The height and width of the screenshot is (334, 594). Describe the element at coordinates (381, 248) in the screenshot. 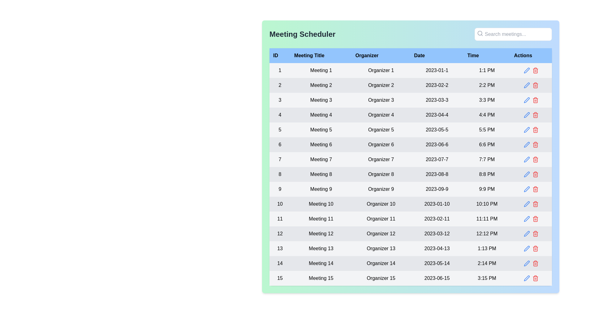

I see `the 'Organizer' text label for 'Meeting 13' in the table row labeled '13'` at that location.